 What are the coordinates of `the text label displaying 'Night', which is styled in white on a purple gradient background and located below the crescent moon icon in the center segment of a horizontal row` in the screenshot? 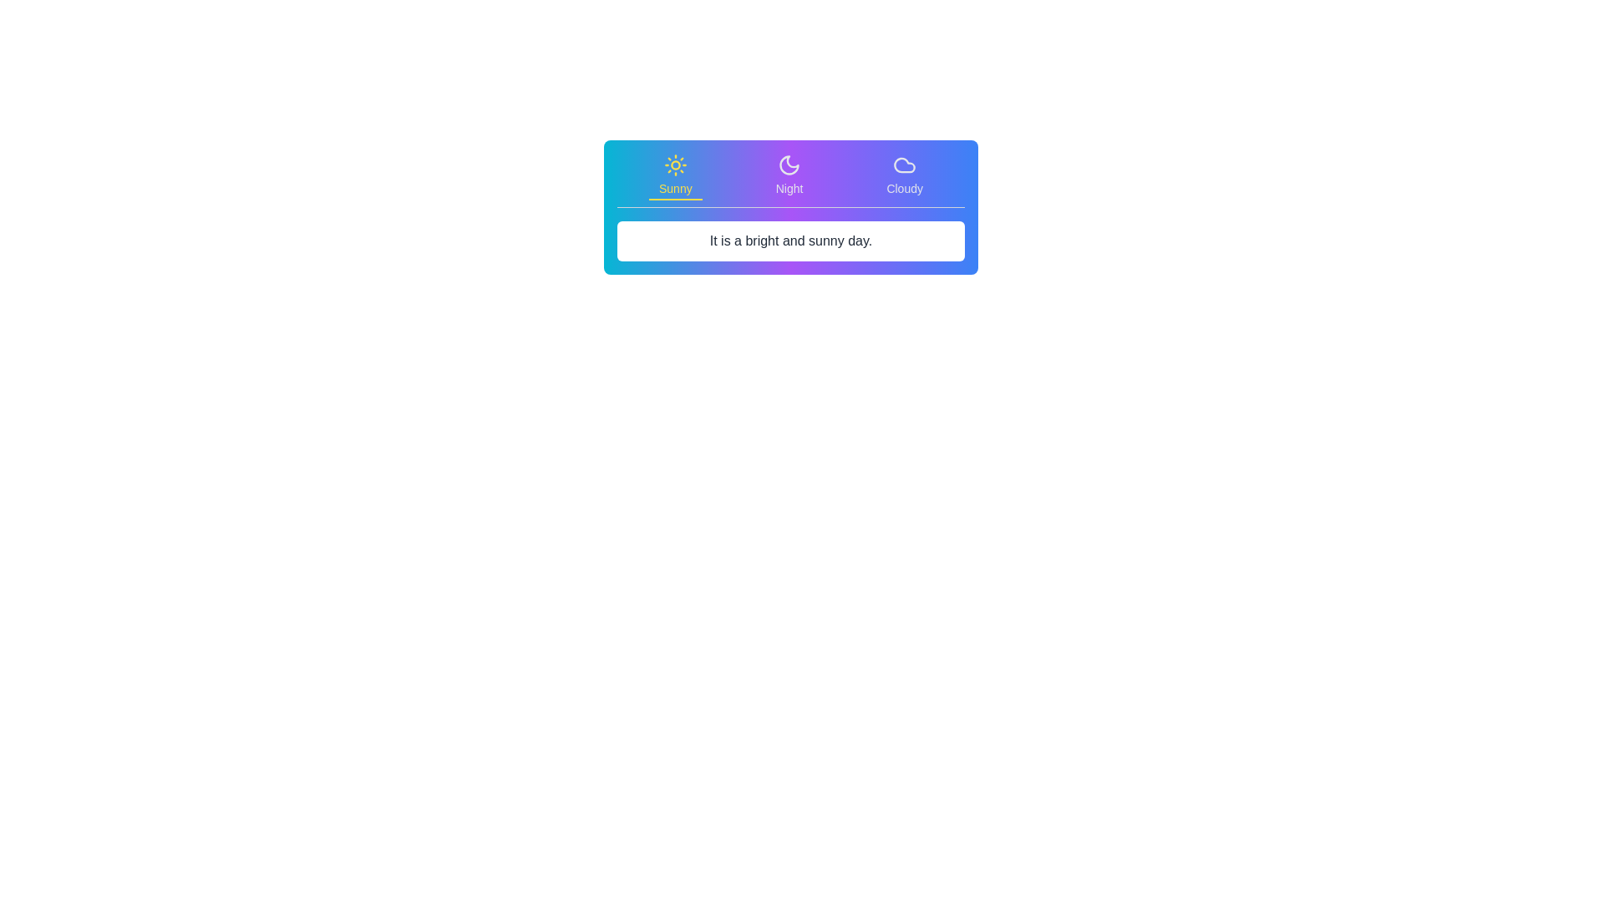 It's located at (789, 188).